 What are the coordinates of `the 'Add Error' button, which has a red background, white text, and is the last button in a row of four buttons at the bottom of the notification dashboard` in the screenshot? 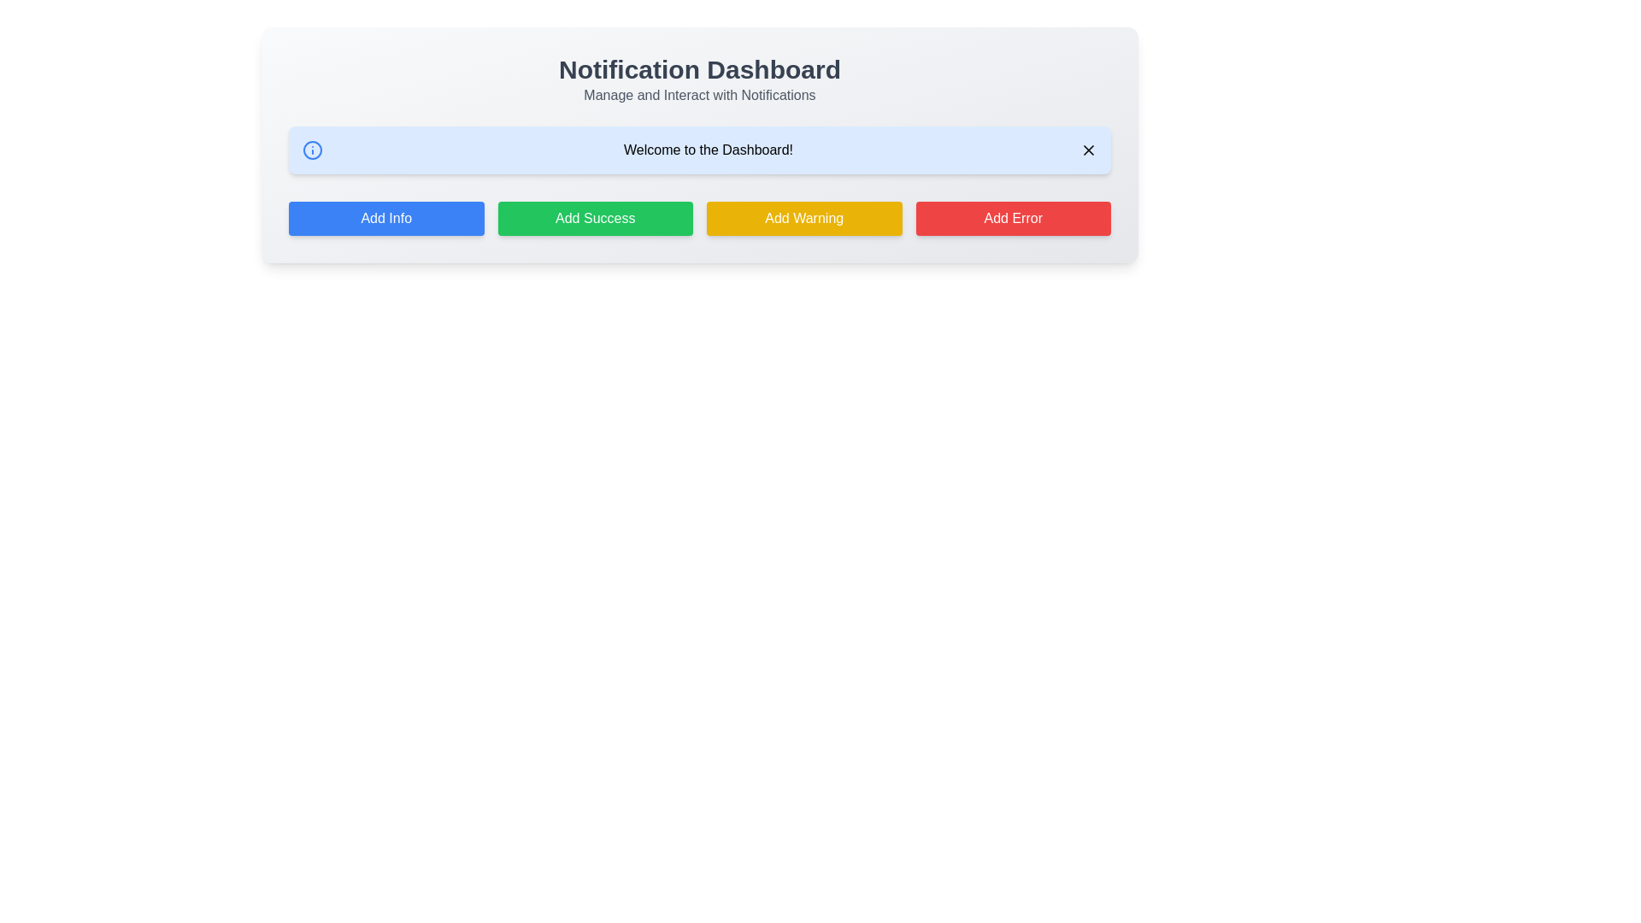 It's located at (1013, 217).